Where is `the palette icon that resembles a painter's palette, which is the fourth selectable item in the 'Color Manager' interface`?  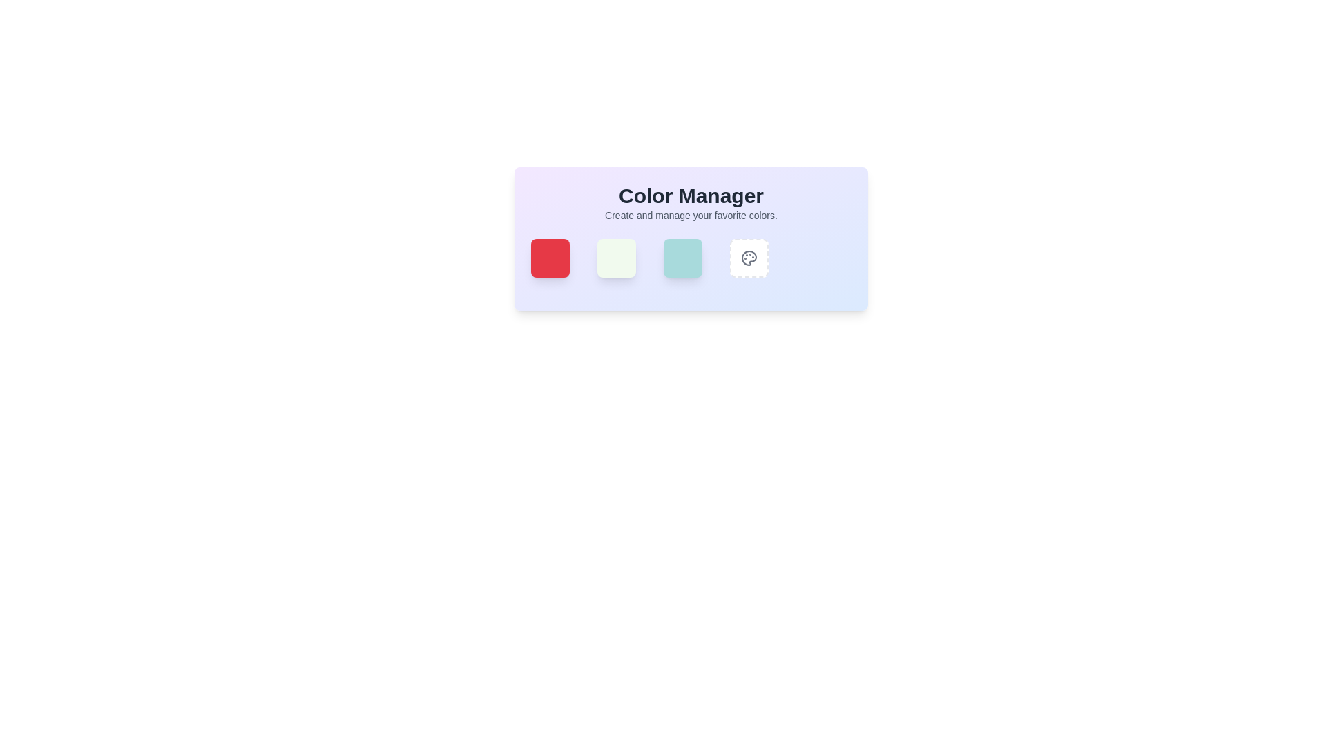 the palette icon that resembles a painter's palette, which is the fourth selectable item in the 'Color Manager' interface is located at coordinates (748, 258).